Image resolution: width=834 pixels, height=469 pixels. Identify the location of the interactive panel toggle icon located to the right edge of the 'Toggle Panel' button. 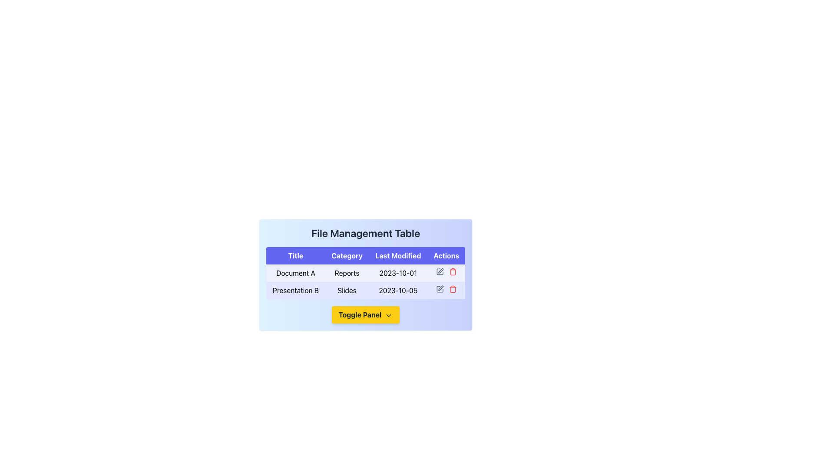
(388, 315).